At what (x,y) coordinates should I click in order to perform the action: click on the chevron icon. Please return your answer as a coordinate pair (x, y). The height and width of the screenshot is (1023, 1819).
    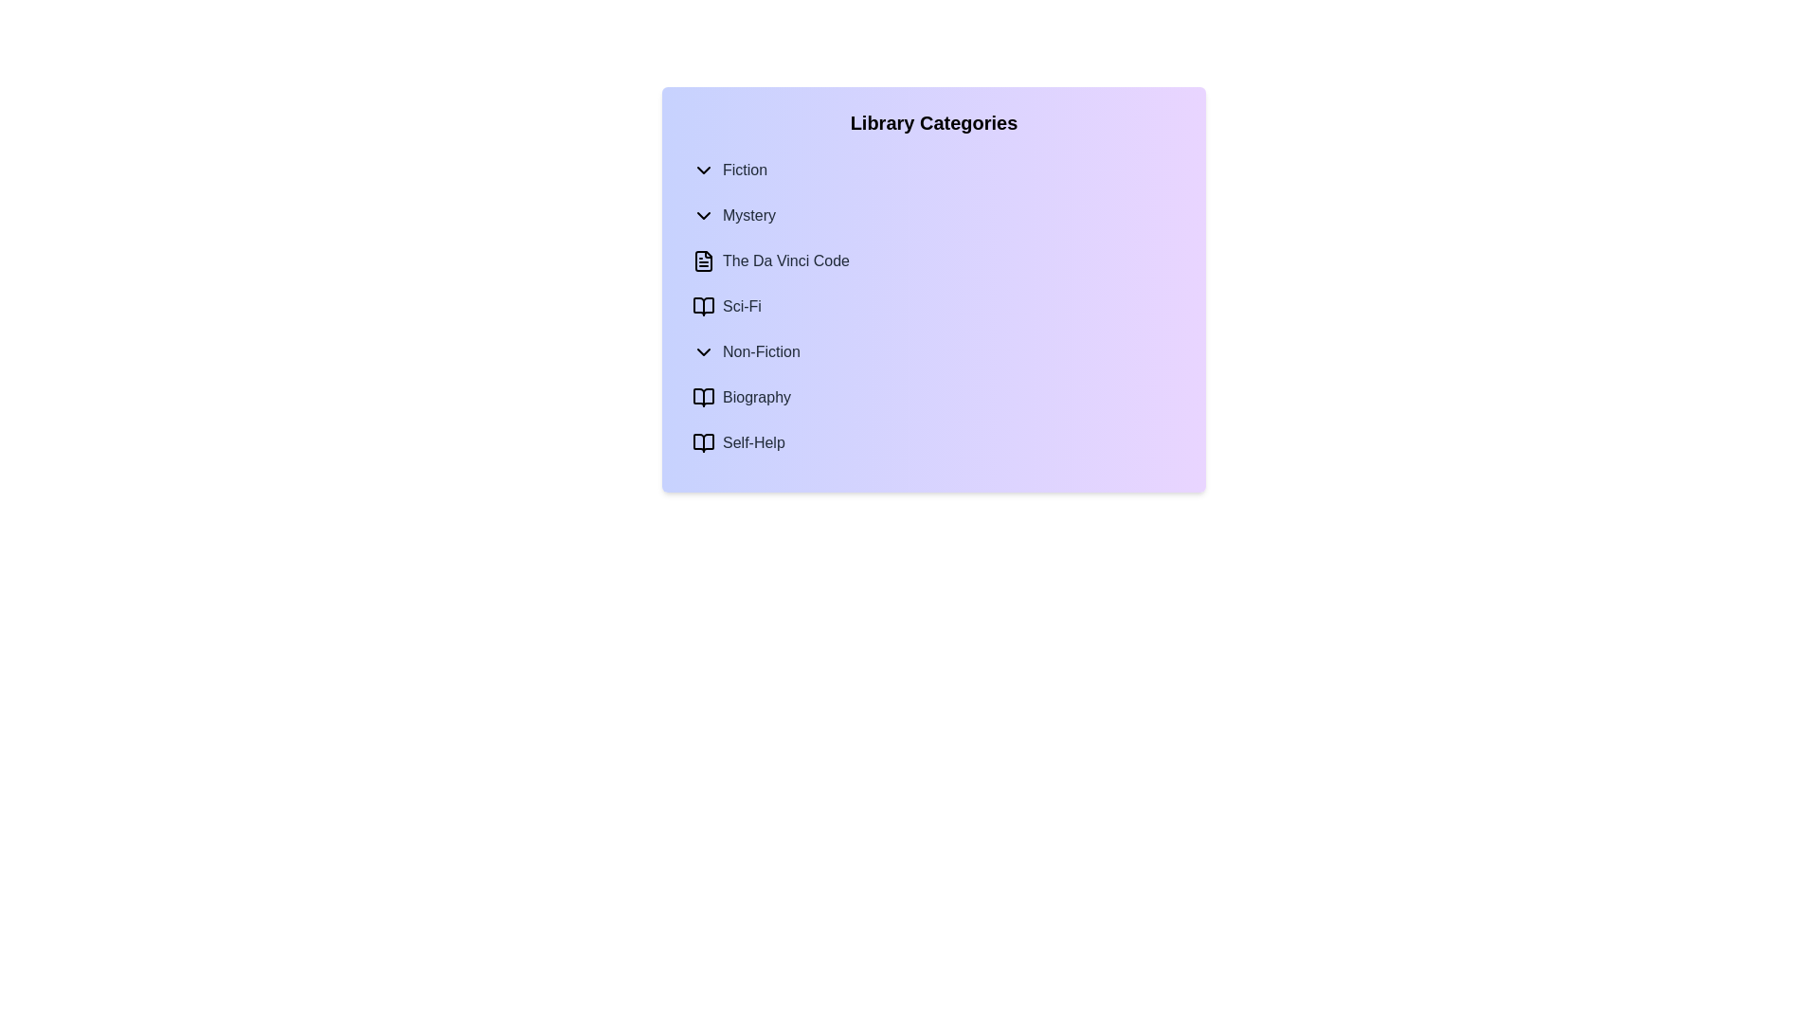
    Looking at the image, I should click on (703, 351).